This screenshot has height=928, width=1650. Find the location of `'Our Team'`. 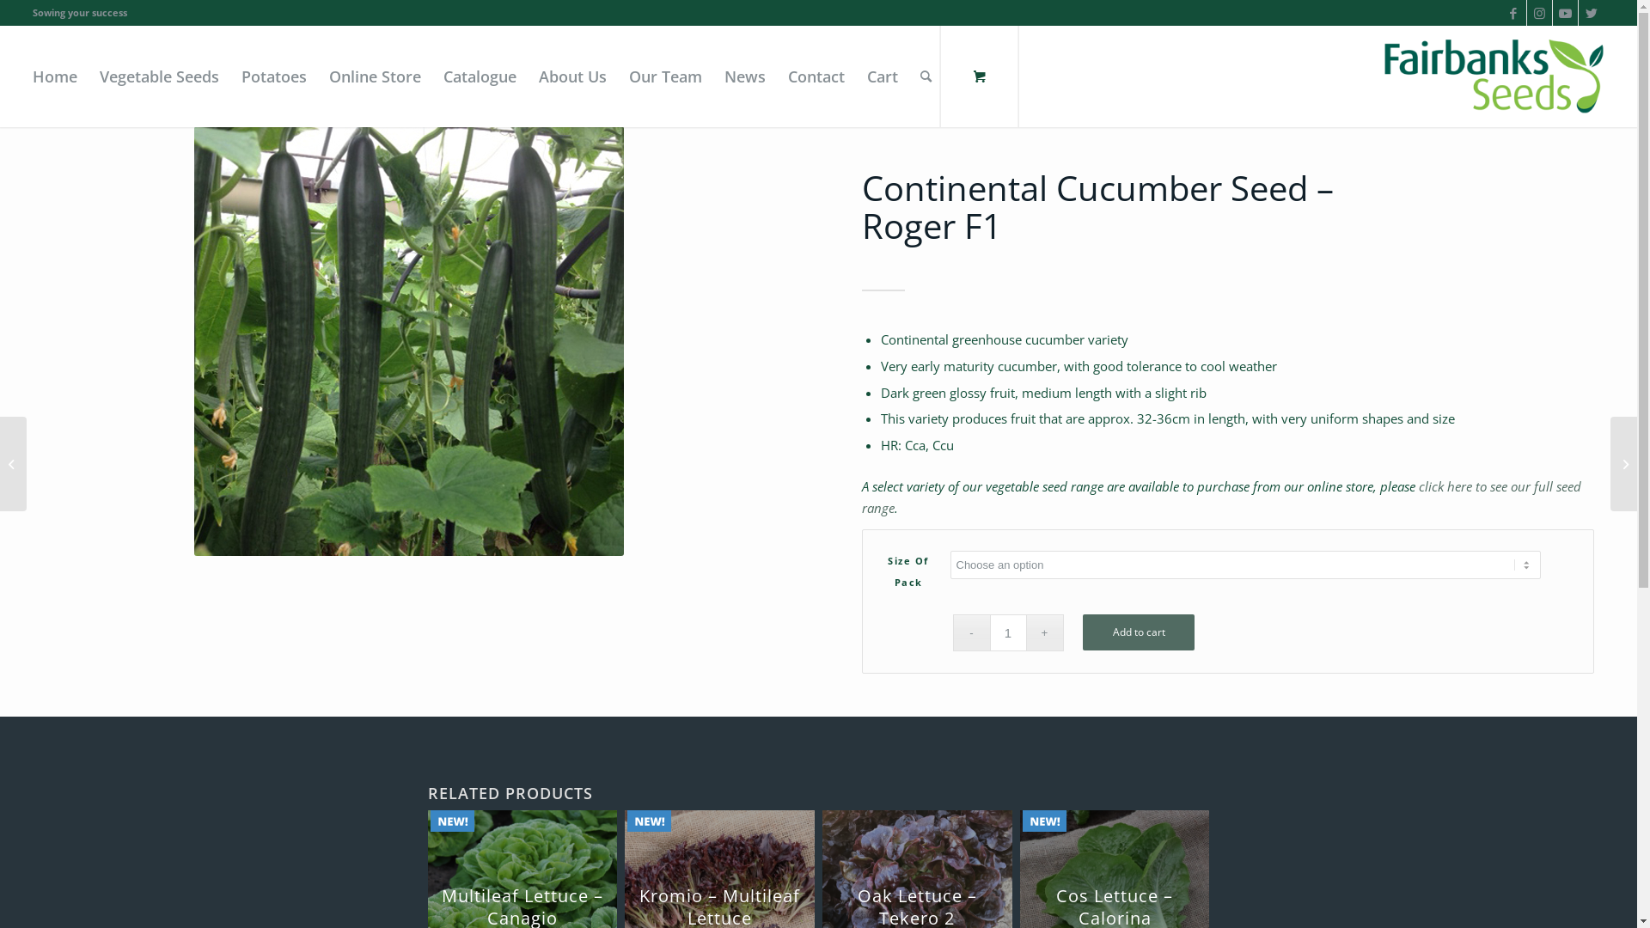

'Our Team' is located at coordinates (664, 75).